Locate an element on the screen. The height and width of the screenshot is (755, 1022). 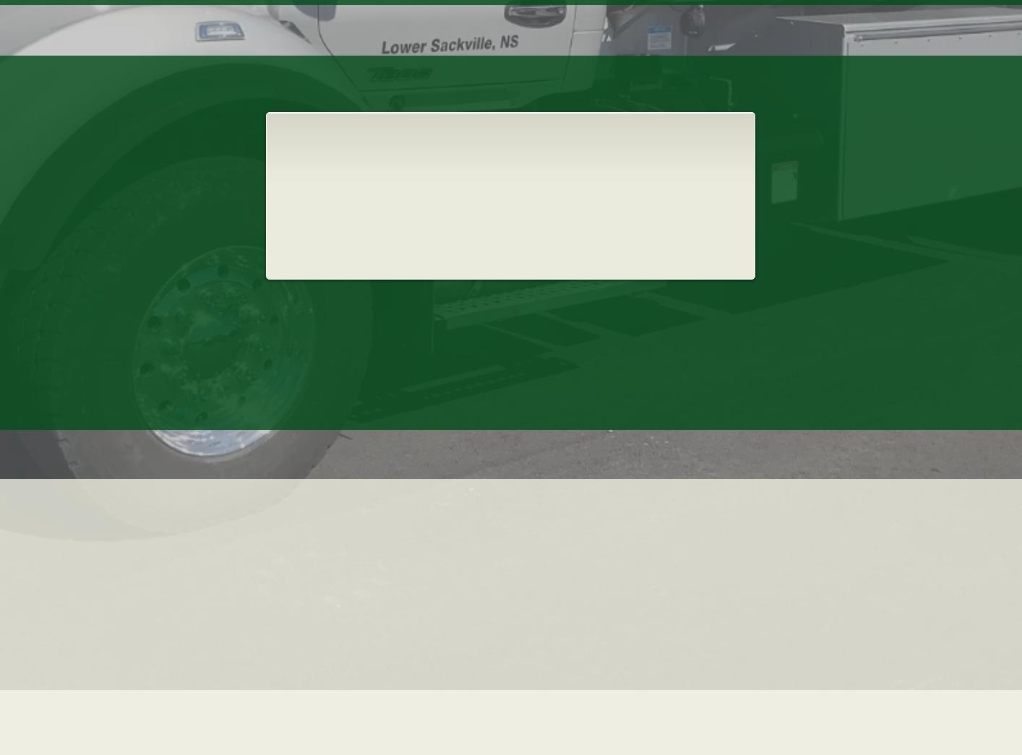
'Automatic or Call in Deliveries available for Furnace Oil' is located at coordinates (323, 160).